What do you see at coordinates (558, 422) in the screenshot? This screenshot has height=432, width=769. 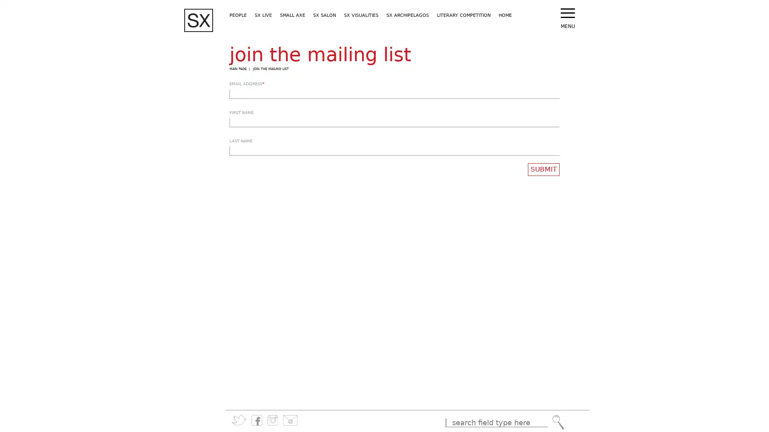 I see `Search` at bounding box center [558, 422].